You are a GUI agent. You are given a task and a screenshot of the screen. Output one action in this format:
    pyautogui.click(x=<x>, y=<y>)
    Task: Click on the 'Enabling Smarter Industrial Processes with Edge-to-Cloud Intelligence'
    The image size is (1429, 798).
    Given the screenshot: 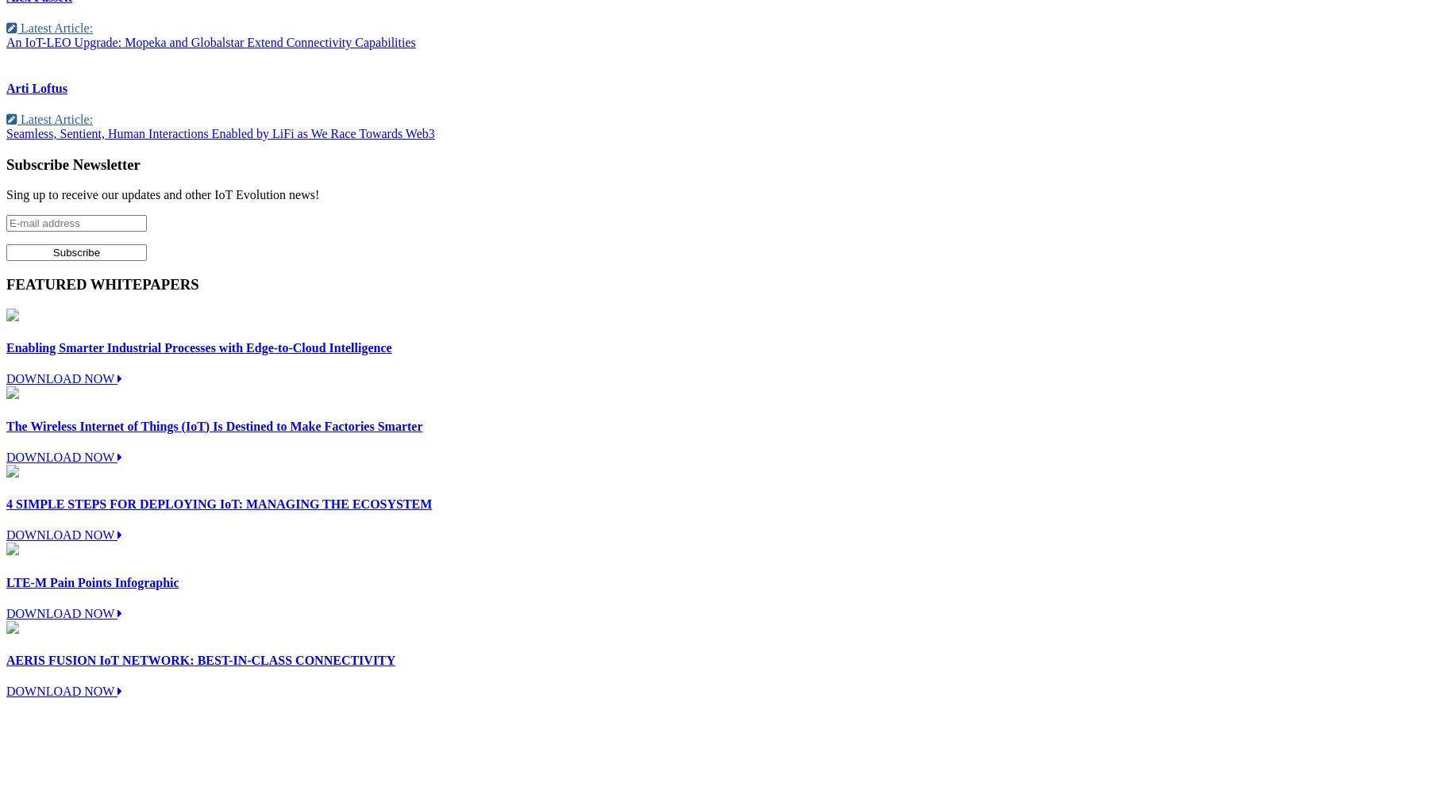 What is the action you would take?
    pyautogui.click(x=198, y=347)
    